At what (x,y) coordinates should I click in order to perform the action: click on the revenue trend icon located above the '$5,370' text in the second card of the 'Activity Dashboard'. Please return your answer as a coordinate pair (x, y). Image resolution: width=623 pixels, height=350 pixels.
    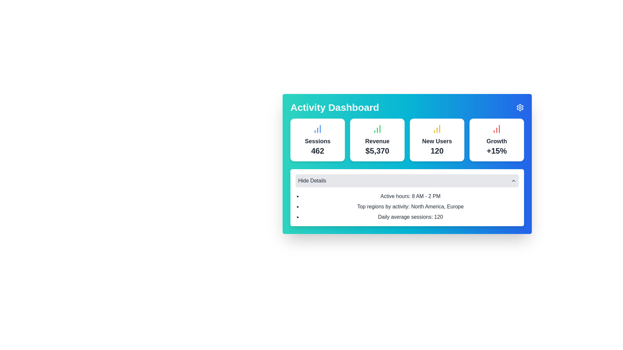
    Looking at the image, I should click on (377, 129).